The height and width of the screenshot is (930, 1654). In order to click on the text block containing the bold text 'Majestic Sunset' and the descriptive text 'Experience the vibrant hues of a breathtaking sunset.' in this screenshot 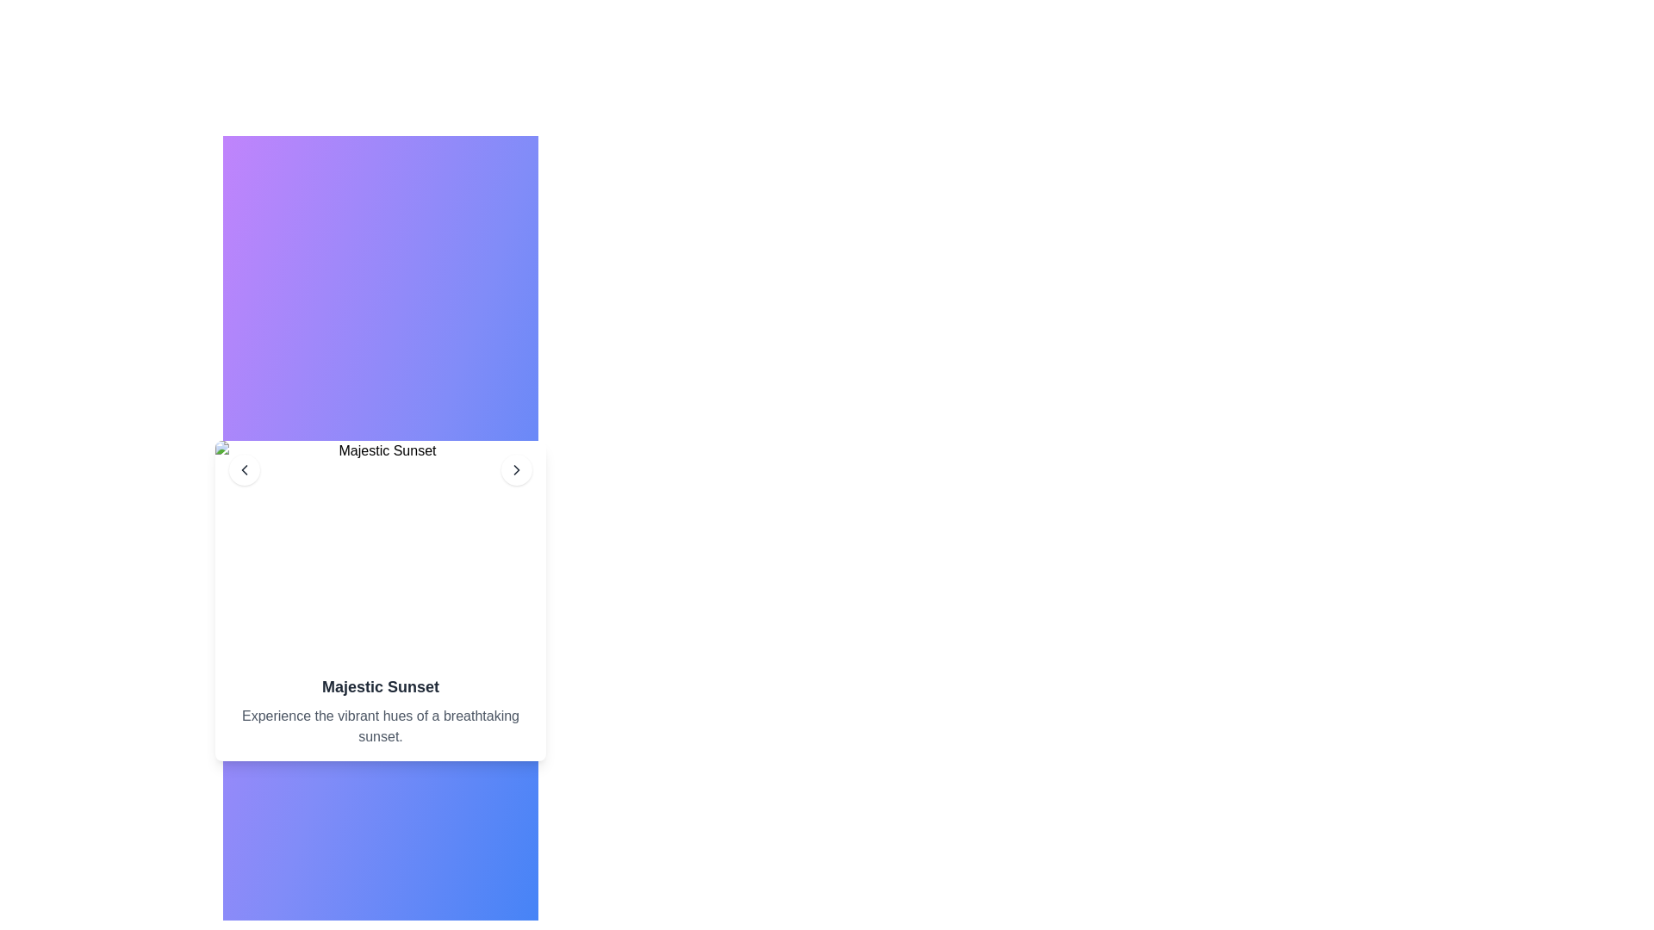, I will do `click(379, 710)`.